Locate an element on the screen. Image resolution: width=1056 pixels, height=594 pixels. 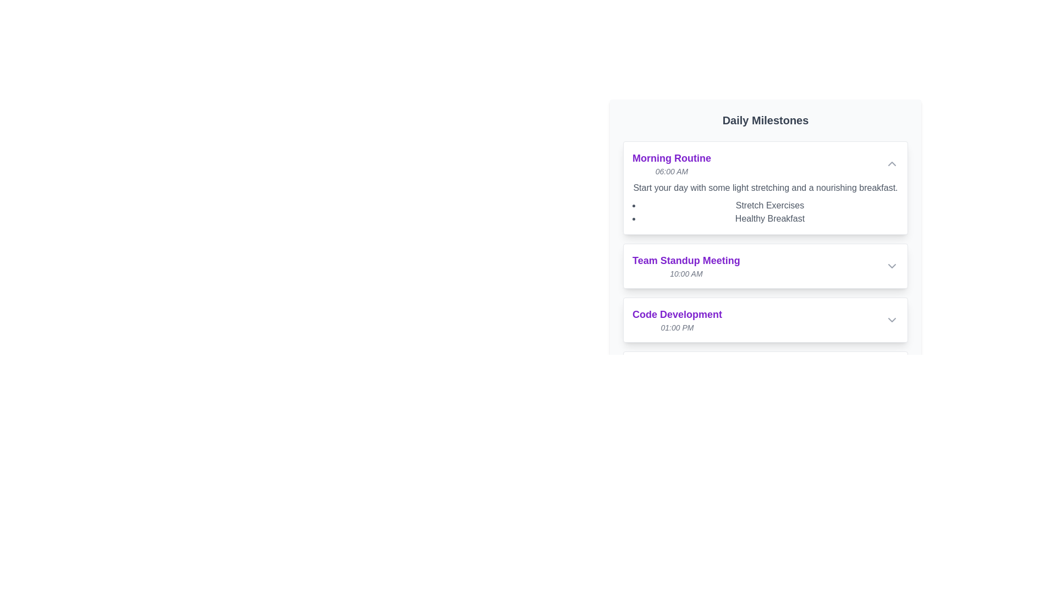
the 'Morning Routine' list item card, which is the first entry in the schedule or task list under the 'Daily Milestones' header is located at coordinates (765, 188).